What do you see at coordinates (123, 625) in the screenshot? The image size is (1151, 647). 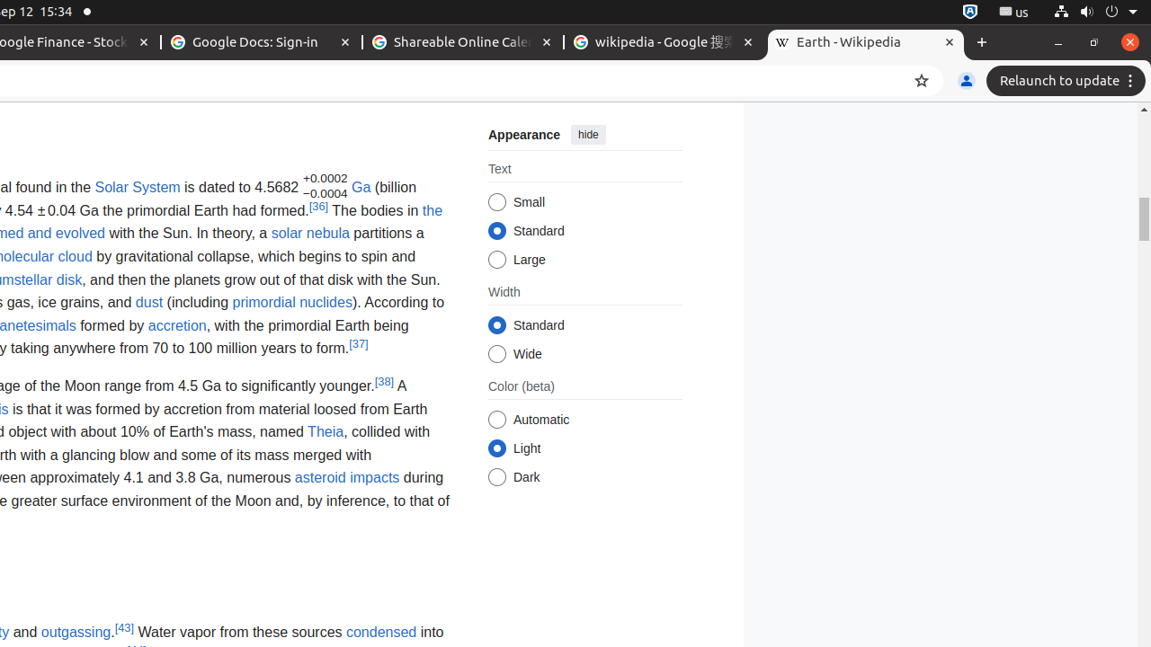 I see `'[43]'` at bounding box center [123, 625].